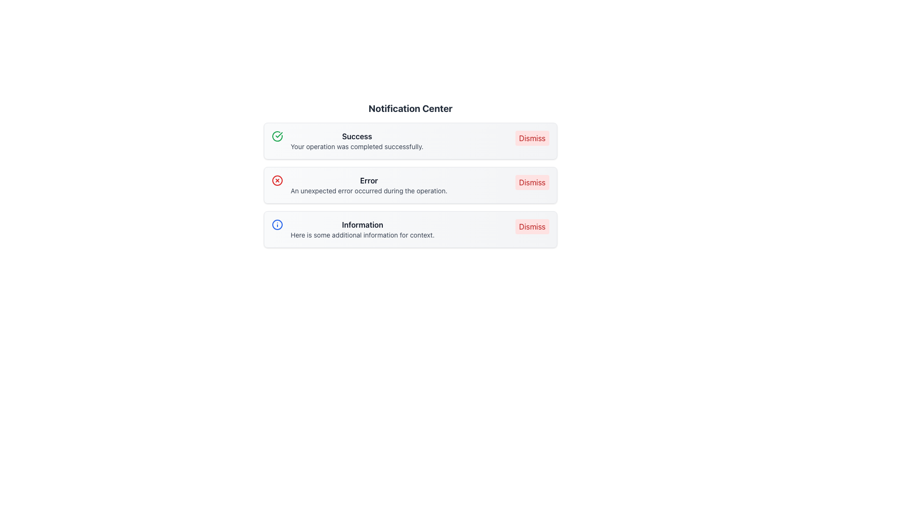 The image size is (903, 508). Describe the element at coordinates (356, 136) in the screenshot. I see `'Success' text element, which is styled in bold and dark gray, located at the top of the first notification card in the Notification Center` at that location.